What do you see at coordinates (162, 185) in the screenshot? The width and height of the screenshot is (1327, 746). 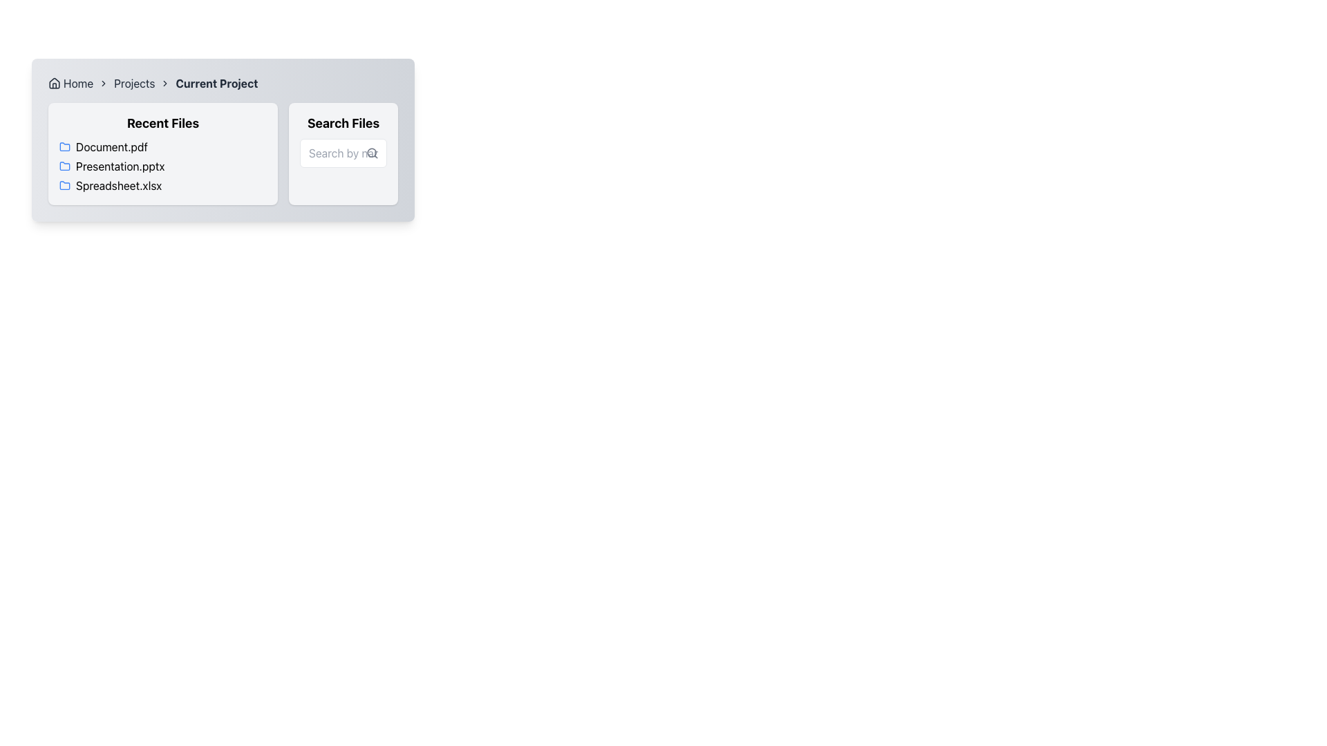 I see `the 'Spreadsheet.xlsx' file representation entry` at bounding box center [162, 185].